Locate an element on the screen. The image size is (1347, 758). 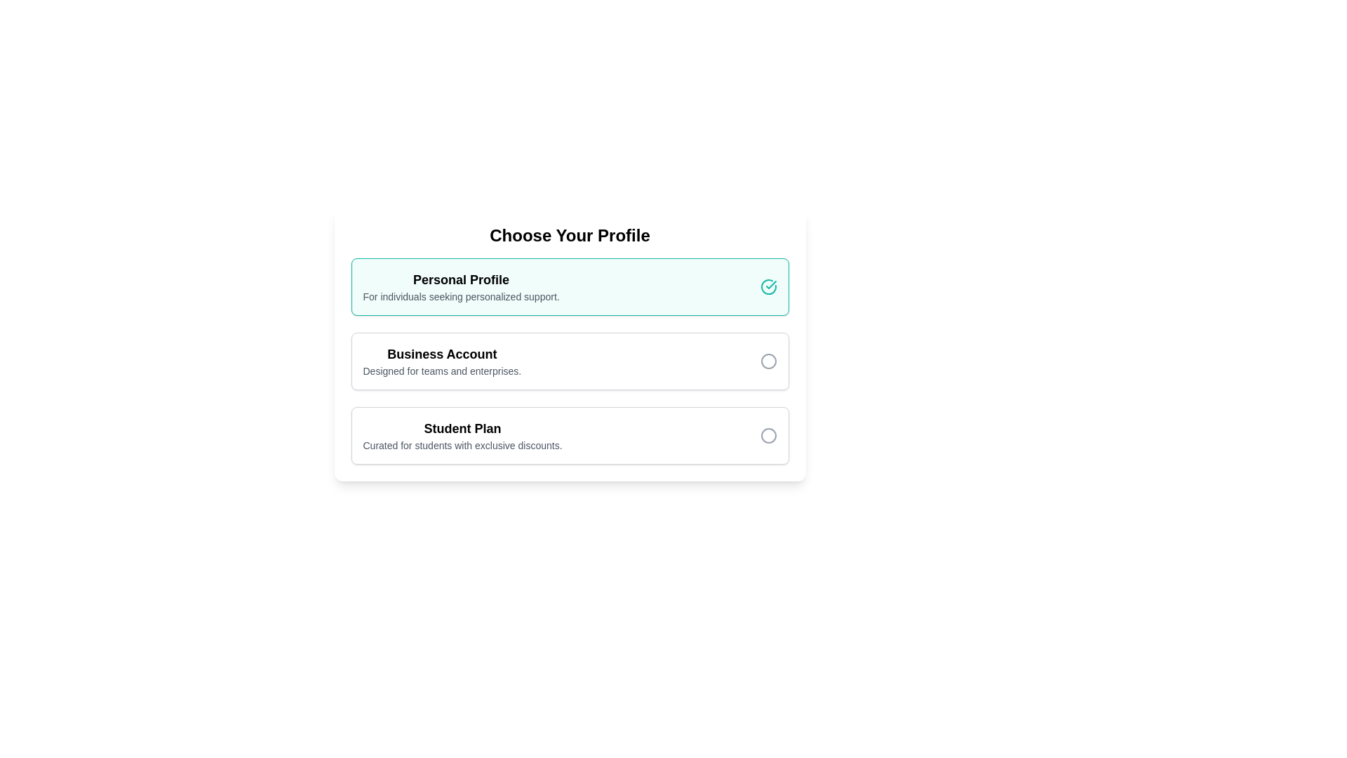
the circular icon with a teal outlined checkmark located at the far right of the 'Personal Profile' card, aligned with the header text 'Personal Profile' is located at coordinates (768, 286).